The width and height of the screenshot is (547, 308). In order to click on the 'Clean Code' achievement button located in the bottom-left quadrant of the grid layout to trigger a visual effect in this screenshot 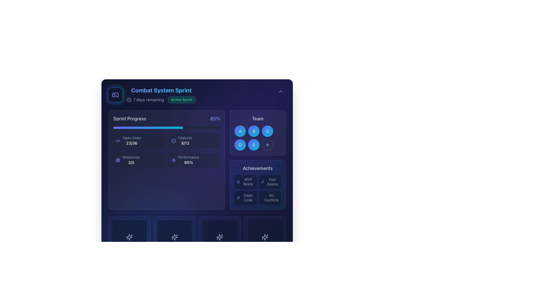, I will do `click(246, 198)`.